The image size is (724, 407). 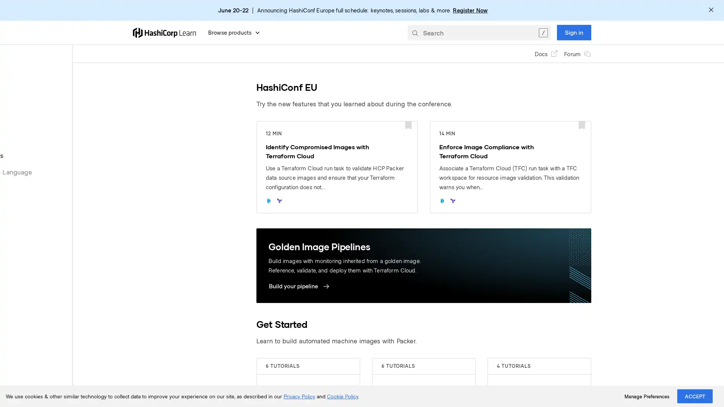 What do you see at coordinates (408, 125) in the screenshot?
I see `Add bookmark for: Identify Compromised Images with Terraform Cloud` at bounding box center [408, 125].